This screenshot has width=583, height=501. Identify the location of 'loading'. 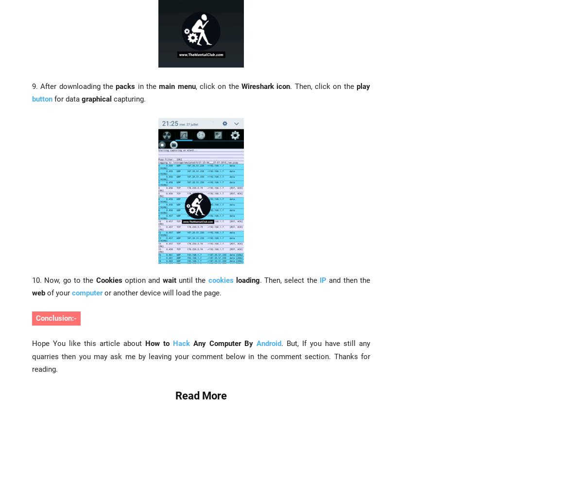
(247, 280).